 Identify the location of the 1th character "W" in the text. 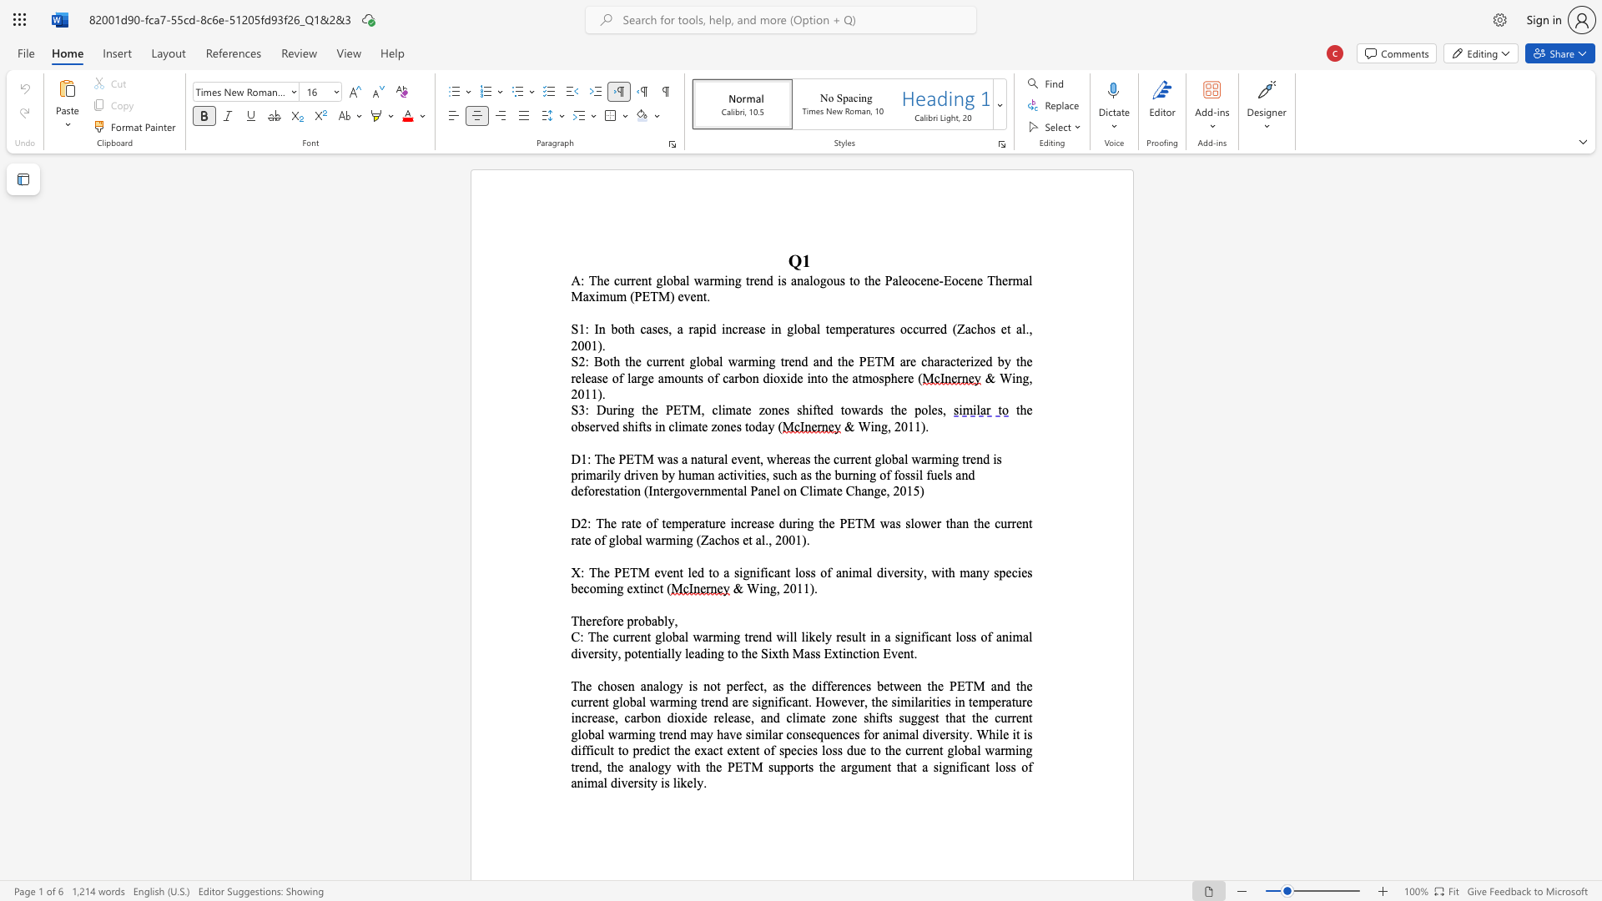
(1005, 378).